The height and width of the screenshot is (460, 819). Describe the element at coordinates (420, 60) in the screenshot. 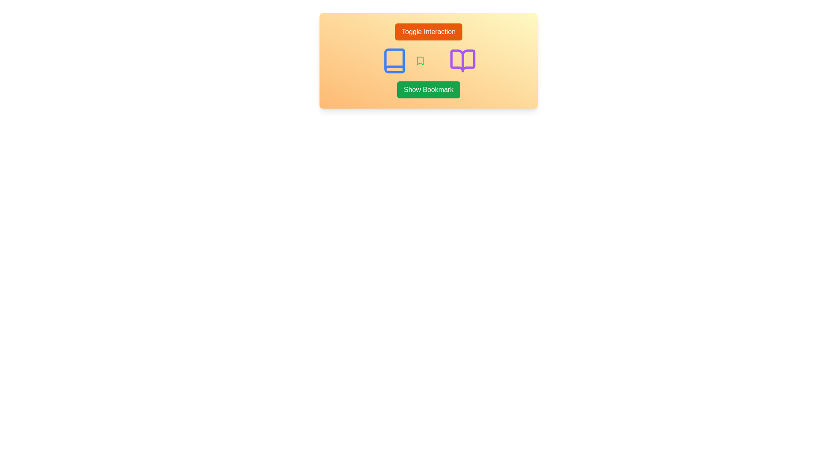

I see `the green-stroked bookmark icon located centrally in the three-column layout` at that location.